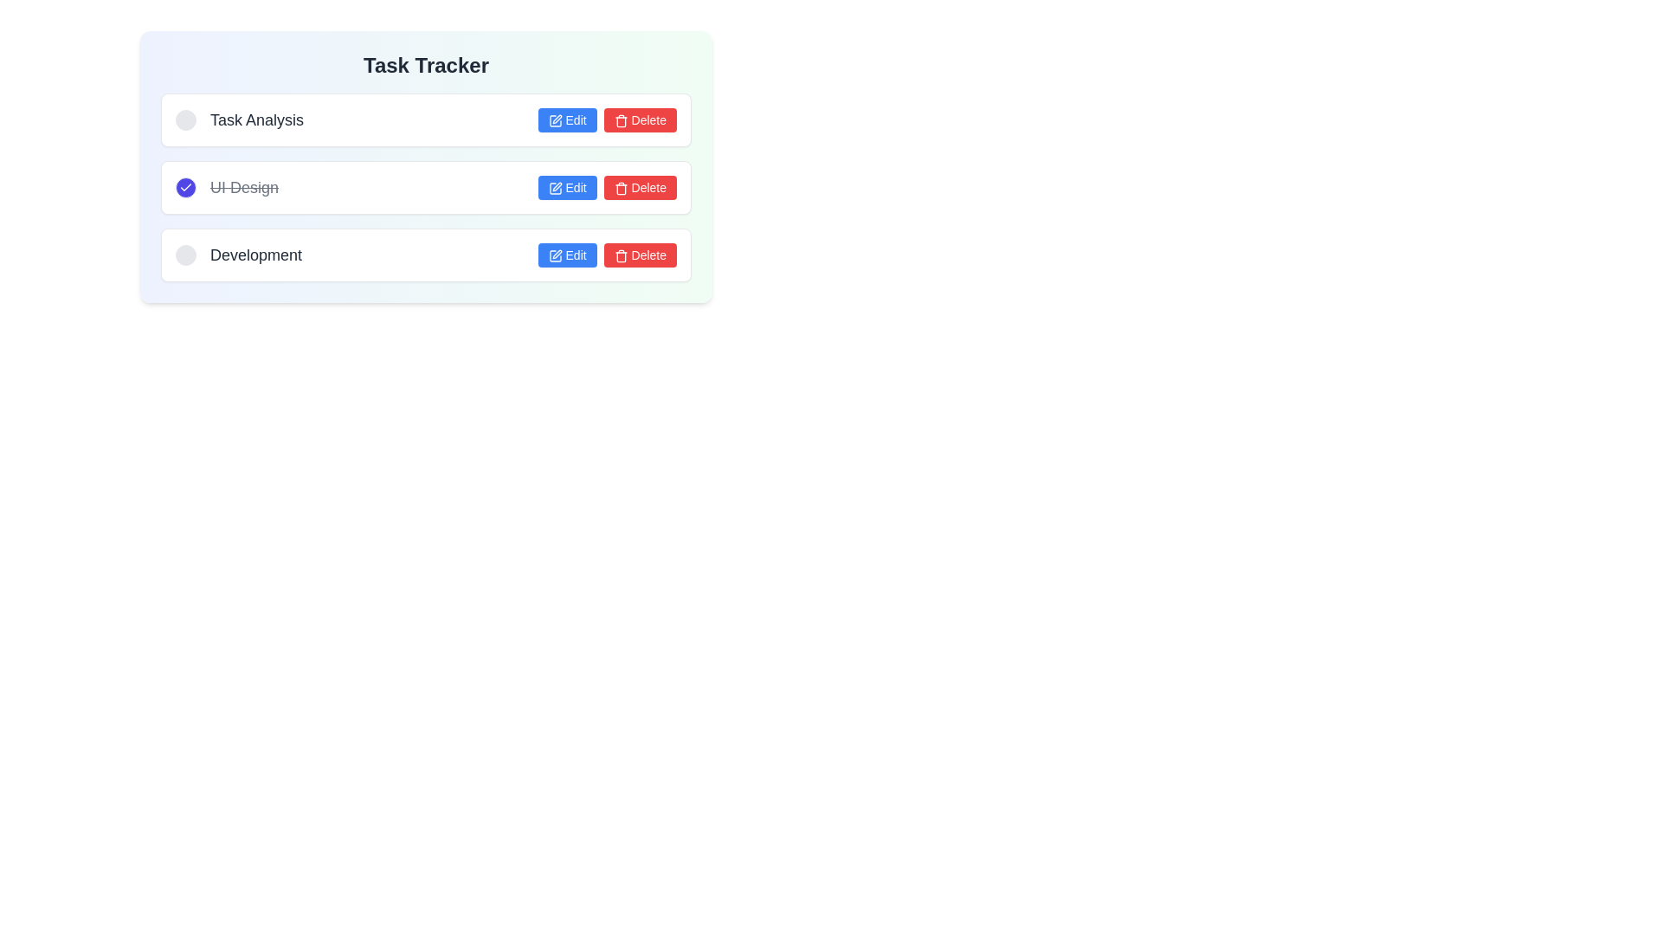  Describe the element at coordinates (621, 121) in the screenshot. I see `the Trash Can icon that represents the delete action within the 'Delete' button in the second row of the 'UI Design' task in the 'Task Tracker' interface` at that location.